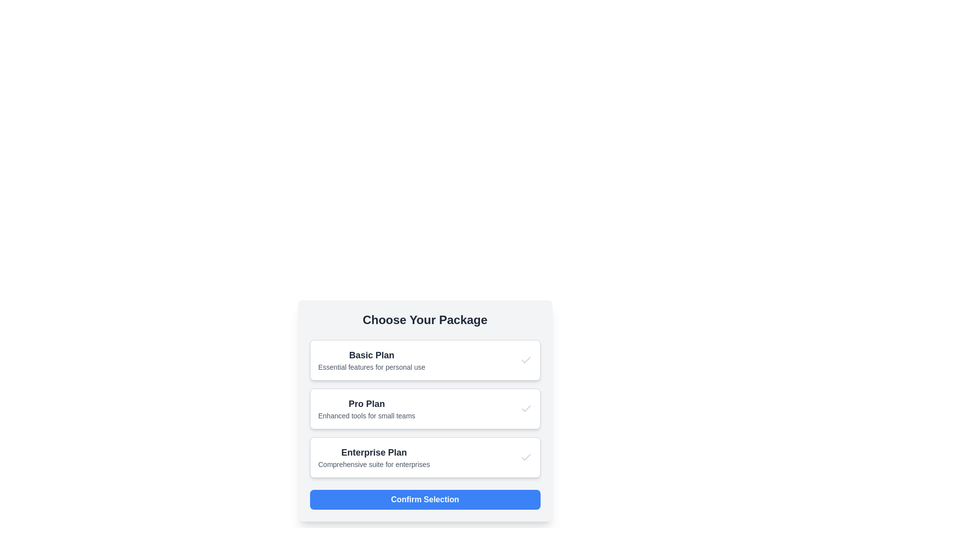 Image resolution: width=954 pixels, height=536 pixels. What do you see at coordinates (371, 355) in the screenshot?
I see `text label that says 'Basic Plan', which is styled in a larger, bold font and is located at the top of the first card in the list of plans` at bounding box center [371, 355].